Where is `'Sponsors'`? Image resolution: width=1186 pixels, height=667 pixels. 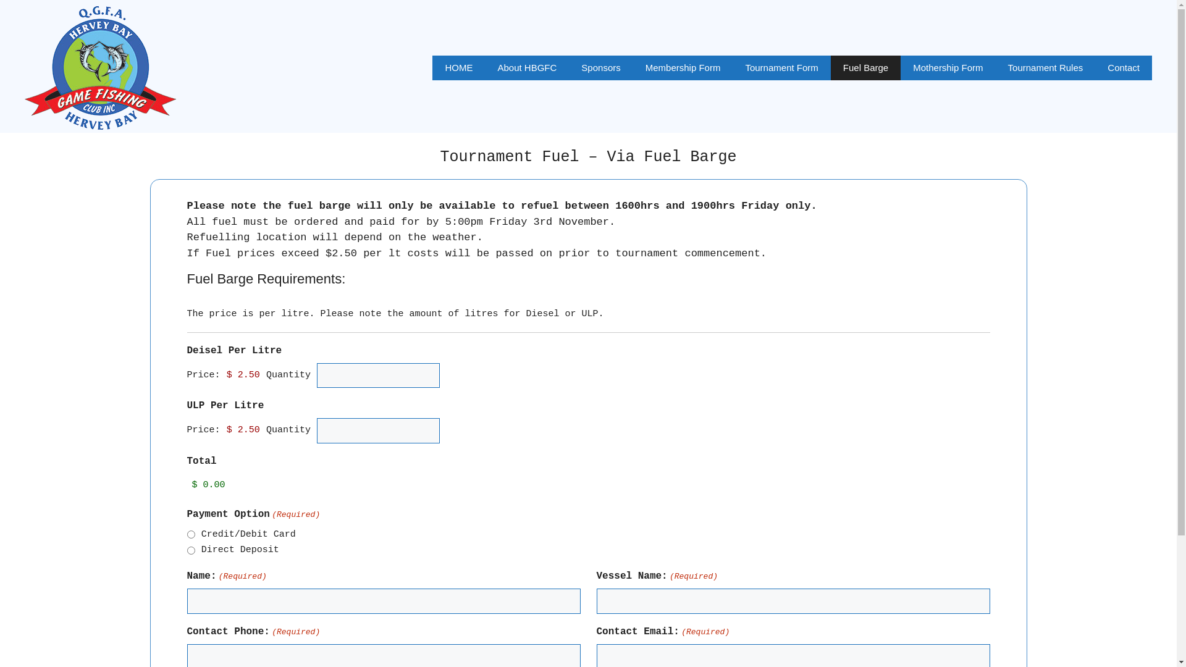 'Sponsors' is located at coordinates (600, 68).